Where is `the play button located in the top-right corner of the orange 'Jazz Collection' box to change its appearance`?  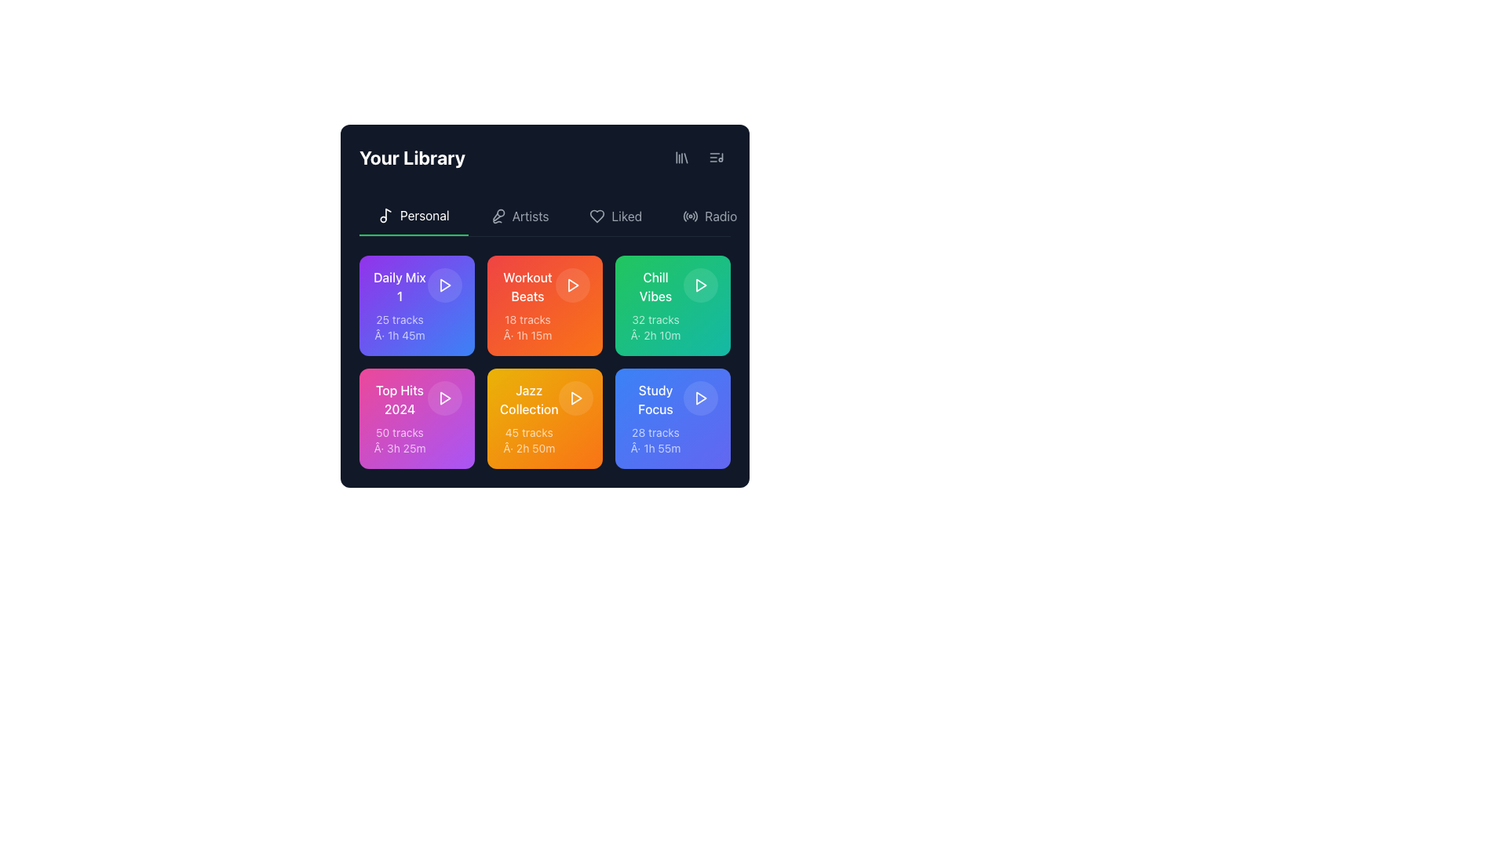
the play button located in the top-right corner of the orange 'Jazz Collection' box to change its appearance is located at coordinates (575, 398).